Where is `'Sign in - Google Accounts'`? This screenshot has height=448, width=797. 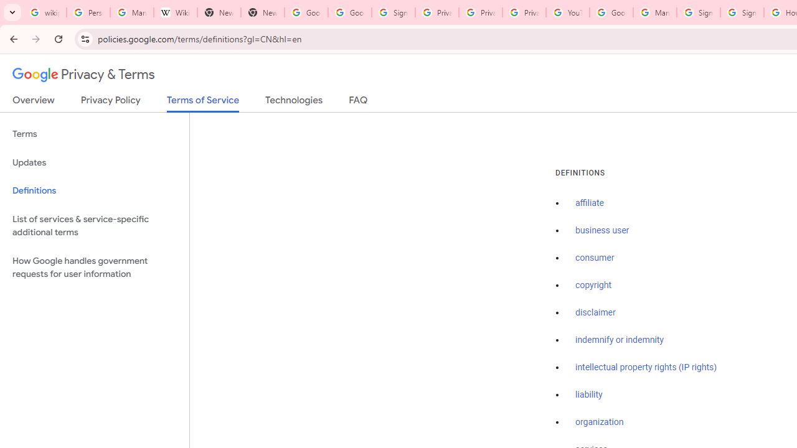 'Sign in - Google Accounts' is located at coordinates (698, 12).